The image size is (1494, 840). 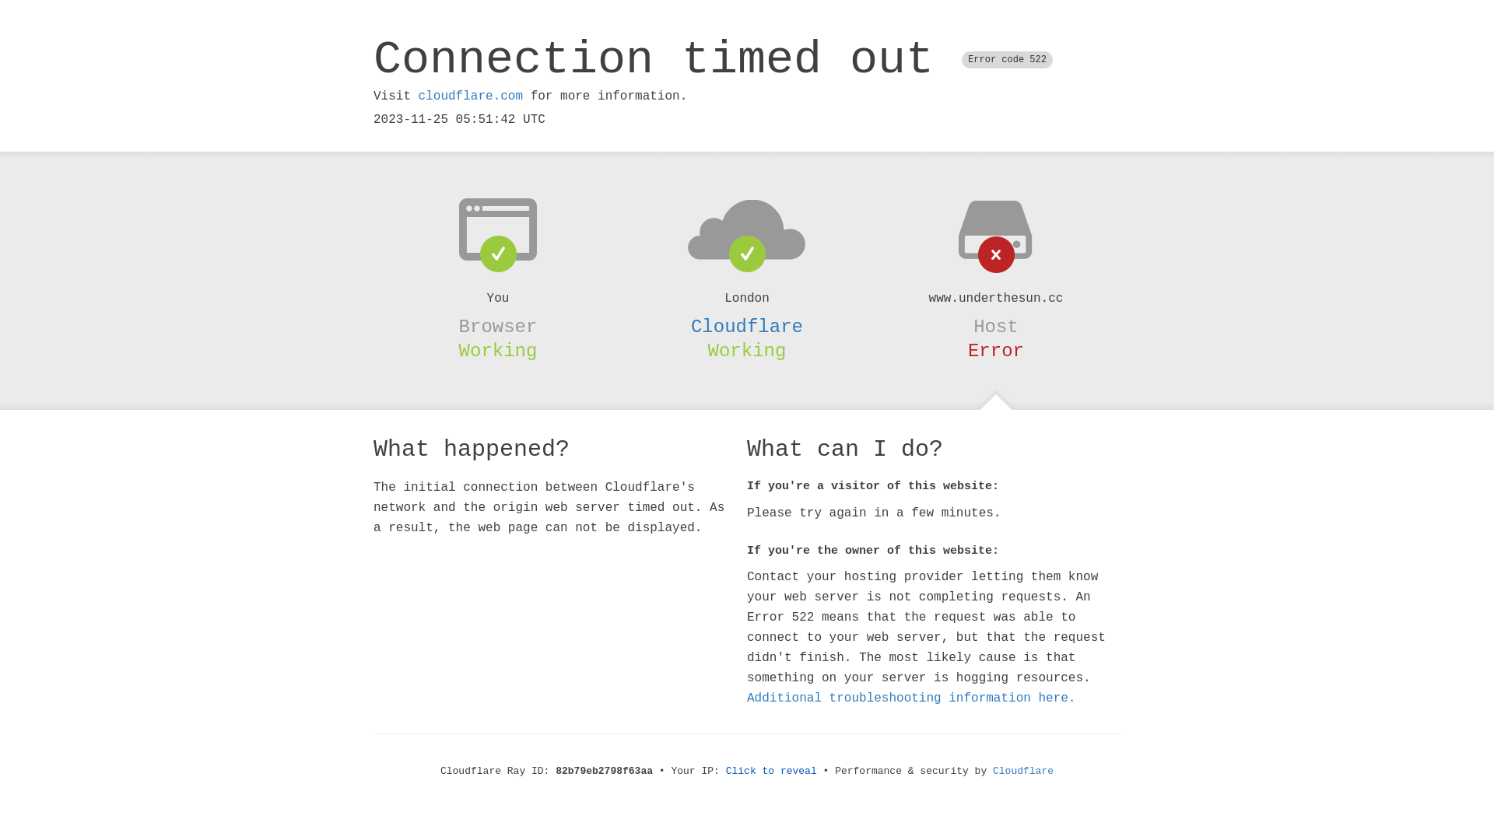 I want to click on 'cloudflare.com', so click(x=469, y=96).